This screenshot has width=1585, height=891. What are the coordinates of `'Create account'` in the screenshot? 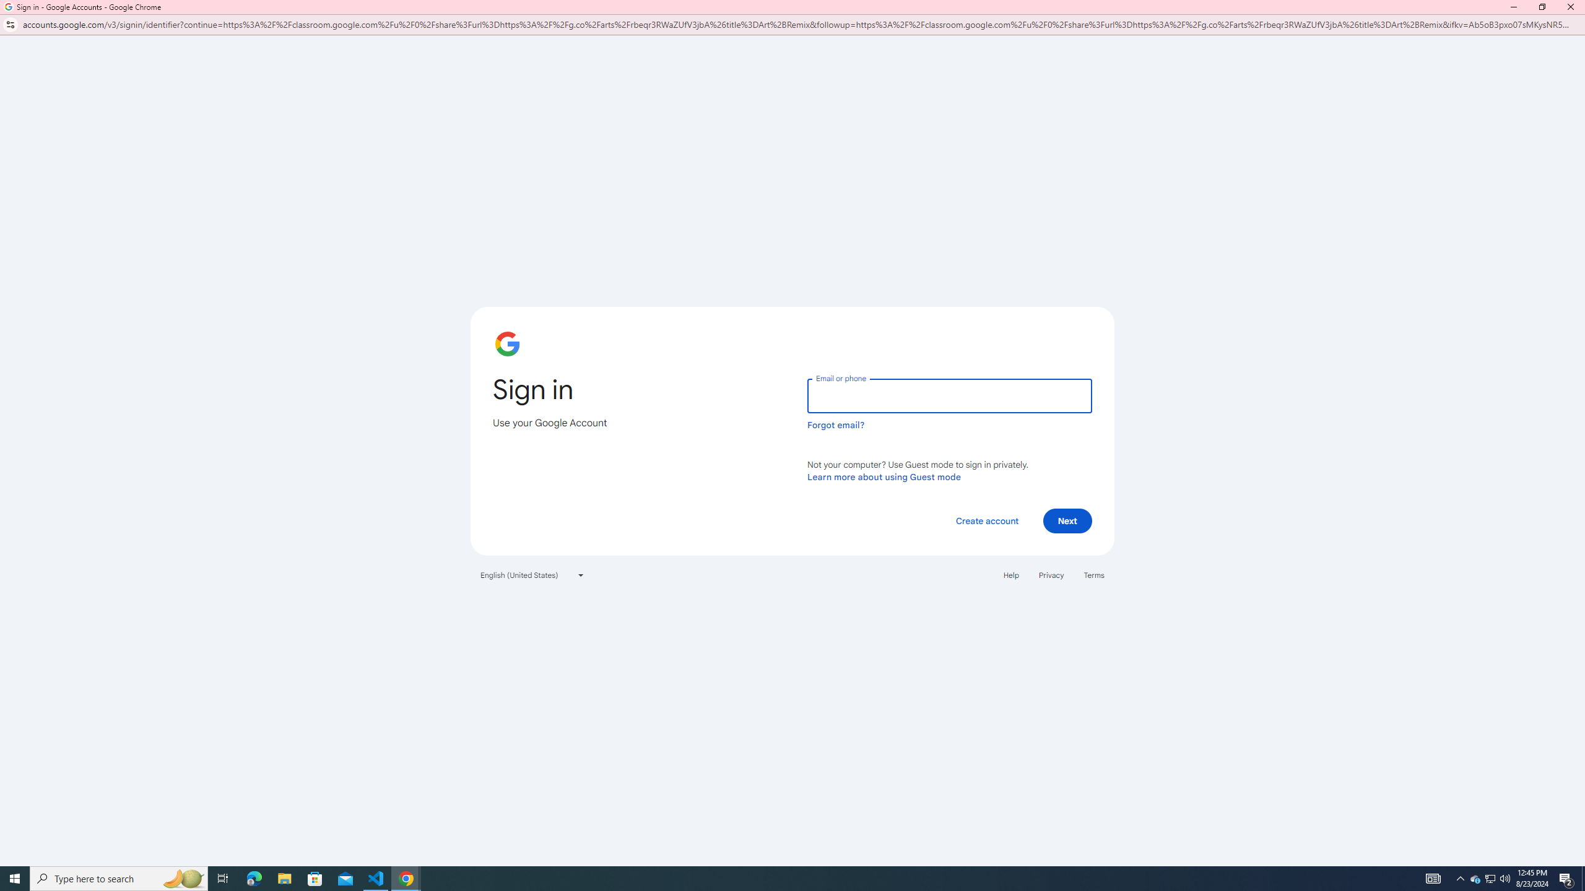 It's located at (986, 521).